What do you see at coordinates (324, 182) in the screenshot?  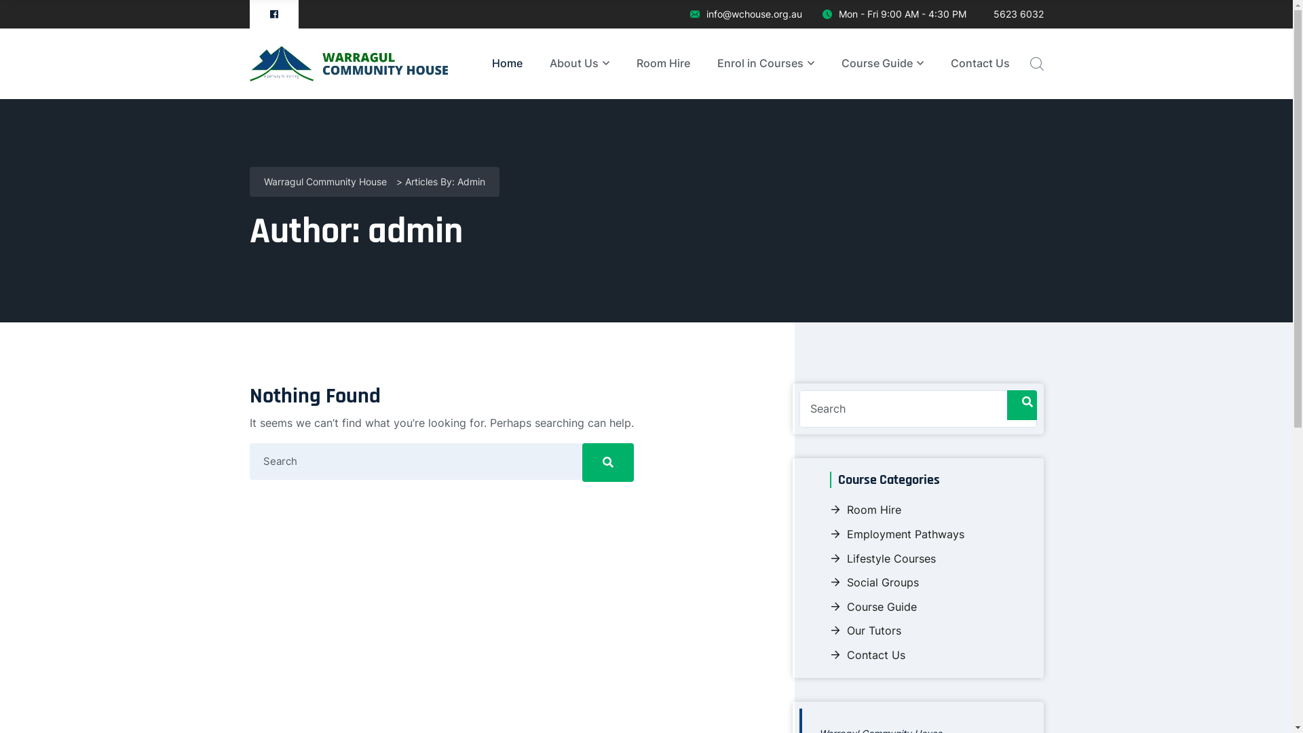 I see `'Warragul Community House'` at bounding box center [324, 182].